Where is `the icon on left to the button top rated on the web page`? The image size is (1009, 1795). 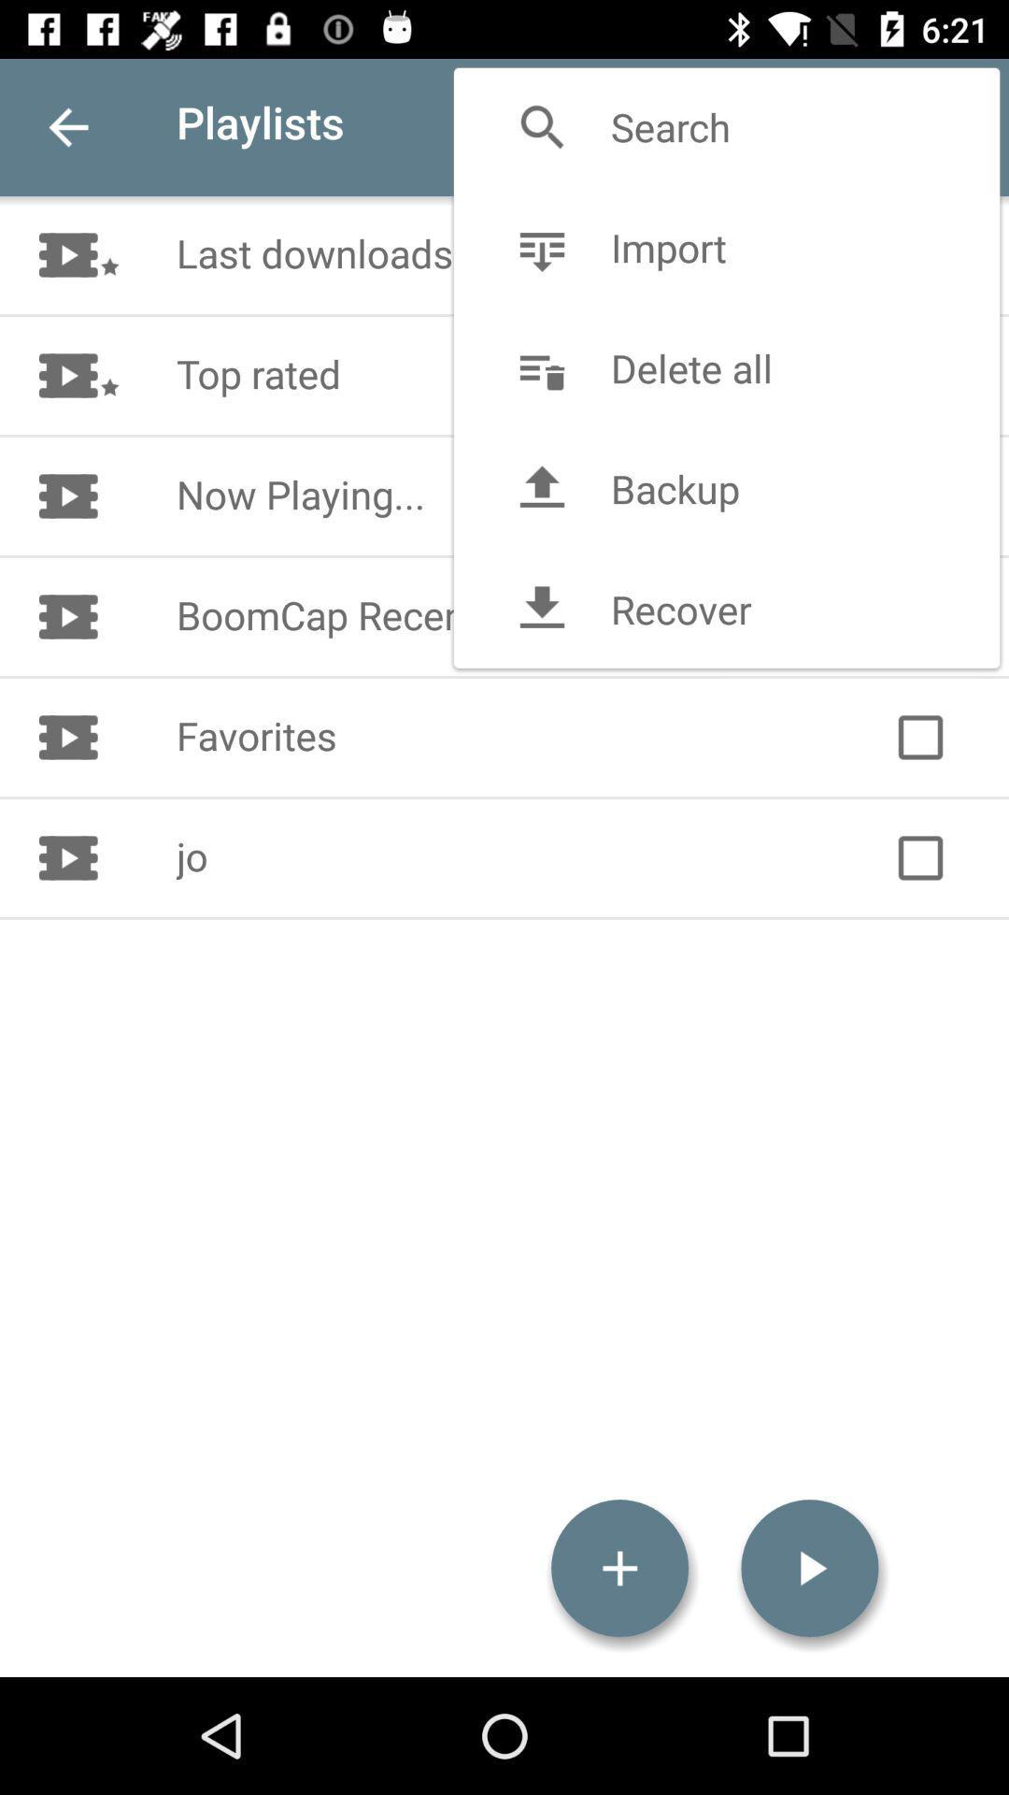
the icon on left to the button top rated on the web page is located at coordinates (107, 375).